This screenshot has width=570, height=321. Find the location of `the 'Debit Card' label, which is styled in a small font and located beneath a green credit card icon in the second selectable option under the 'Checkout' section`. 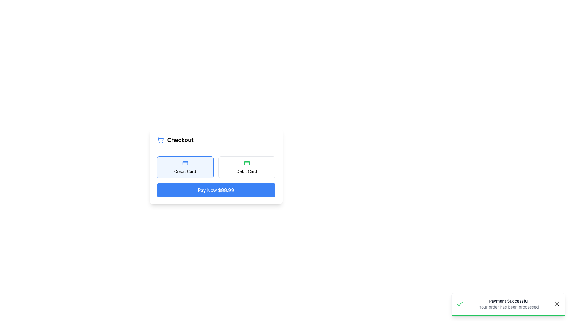

the 'Debit Card' label, which is styled in a small font and located beneath a green credit card icon in the second selectable option under the 'Checkout' section is located at coordinates (247, 171).